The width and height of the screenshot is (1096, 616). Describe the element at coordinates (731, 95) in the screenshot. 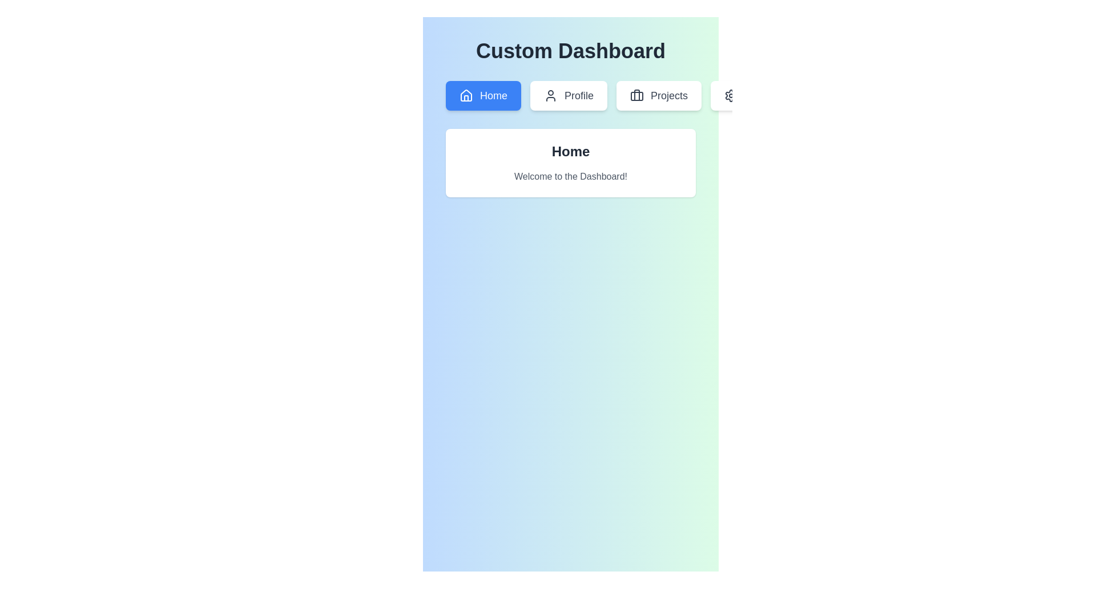

I see `the gear icon representing the settings feature, located in the top right corner of the dashboard, adjacent to the 'Projects' button` at that location.